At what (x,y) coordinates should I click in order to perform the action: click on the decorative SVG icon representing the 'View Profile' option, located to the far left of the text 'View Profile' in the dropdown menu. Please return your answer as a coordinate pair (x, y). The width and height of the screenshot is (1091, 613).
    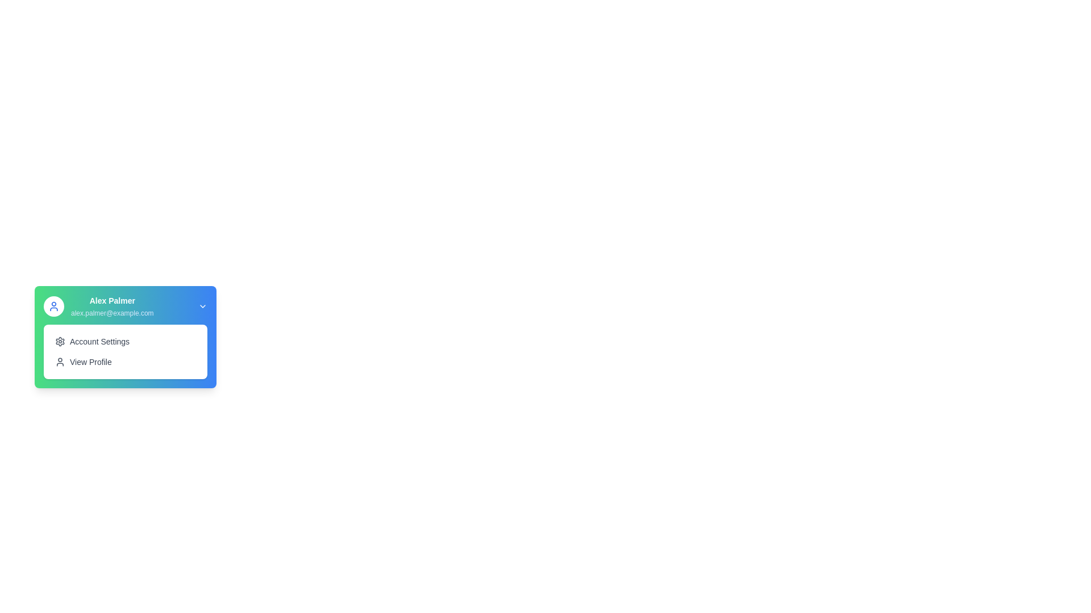
    Looking at the image, I should click on (59, 362).